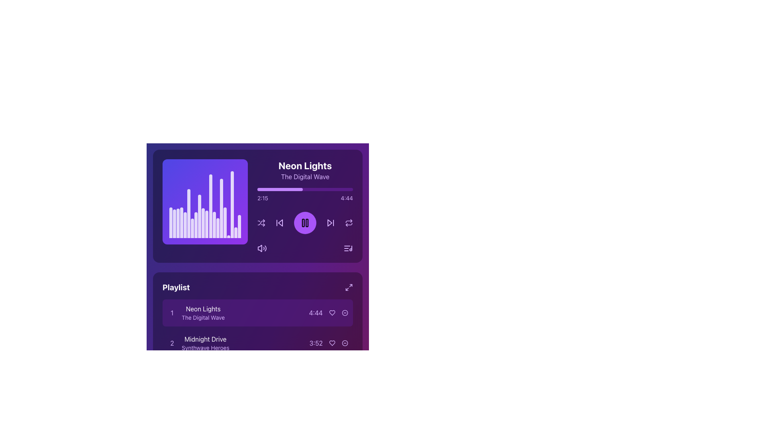 The image size is (765, 430). Describe the element at coordinates (293, 189) in the screenshot. I see `the progress` at that location.